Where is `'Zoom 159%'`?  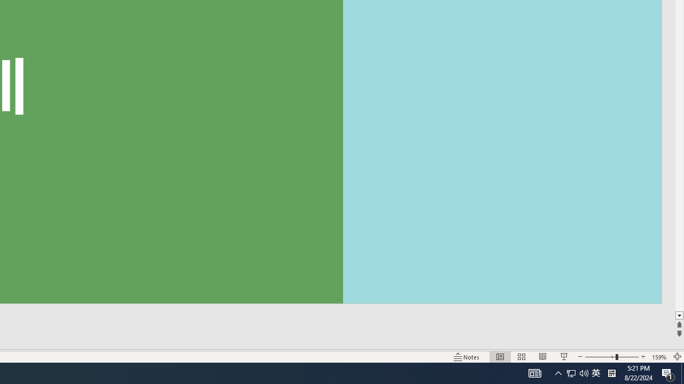
'Zoom 159%' is located at coordinates (659, 357).